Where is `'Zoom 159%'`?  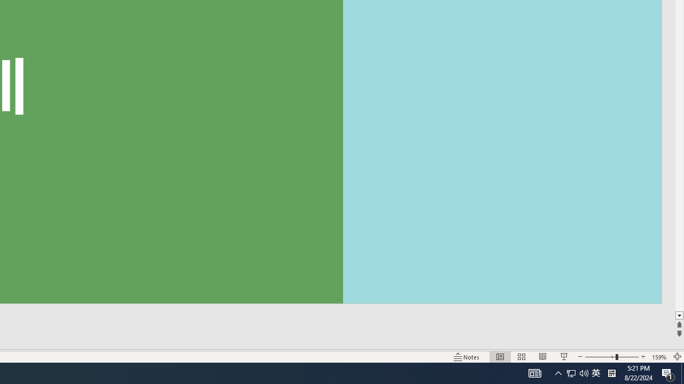
'Zoom 159%' is located at coordinates (659, 357).